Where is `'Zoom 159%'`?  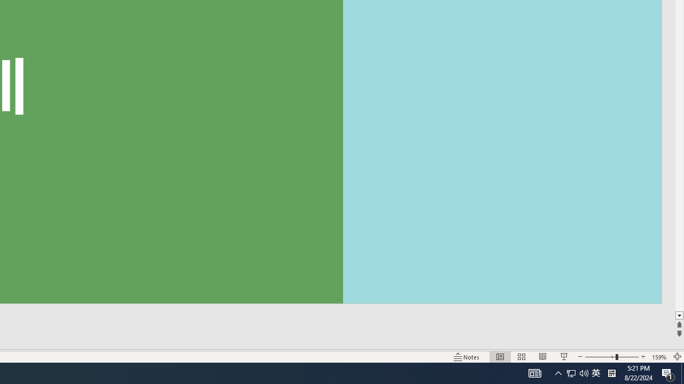
'Zoom 159%' is located at coordinates (659, 357).